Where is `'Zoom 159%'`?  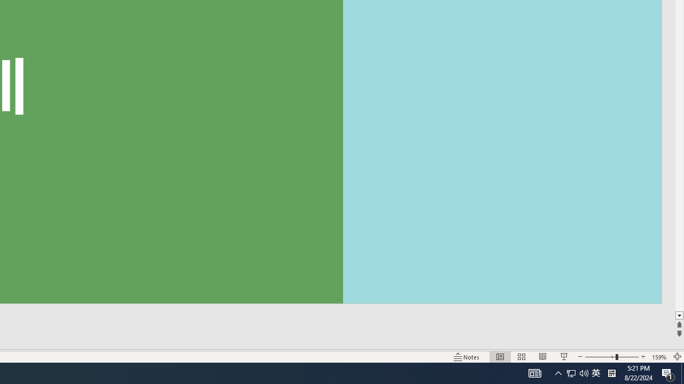
'Zoom 159%' is located at coordinates (659, 357).